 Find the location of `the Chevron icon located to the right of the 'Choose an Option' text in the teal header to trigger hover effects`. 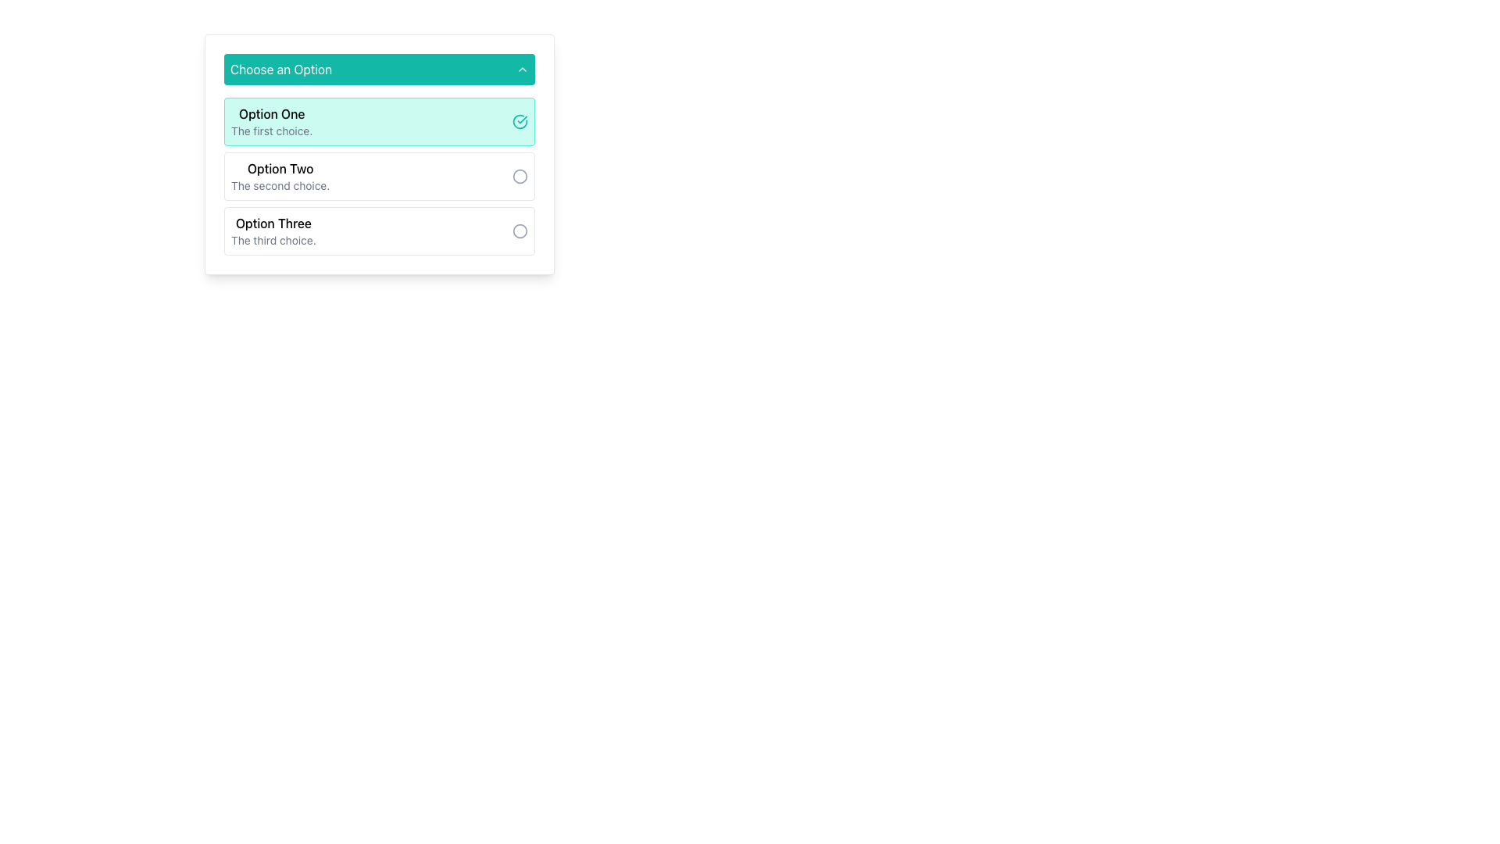

the Chevron icon located to the right of the 'Choose an Option' text in the teal header to trigger hover effects is located at coordinates (522, 68).